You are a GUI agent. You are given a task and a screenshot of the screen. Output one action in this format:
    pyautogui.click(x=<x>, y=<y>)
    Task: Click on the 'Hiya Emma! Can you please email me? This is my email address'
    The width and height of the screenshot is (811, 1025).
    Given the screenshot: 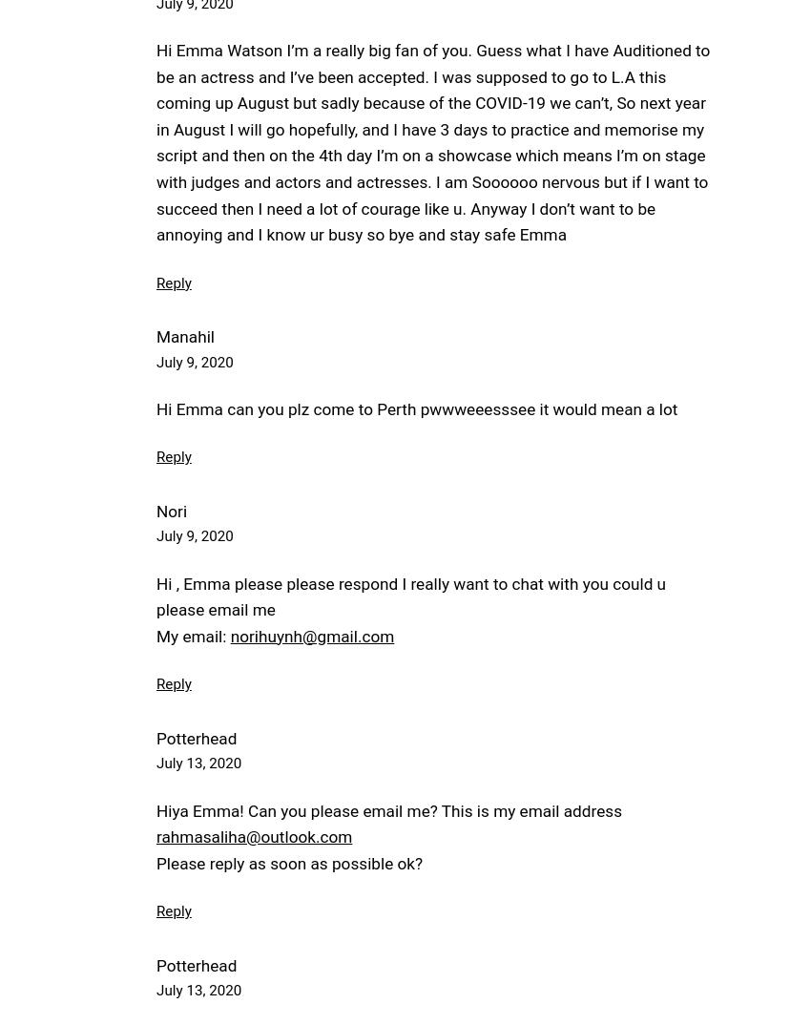 What is the action you would take?
    pyautogui.click(x=389, y=809)
    